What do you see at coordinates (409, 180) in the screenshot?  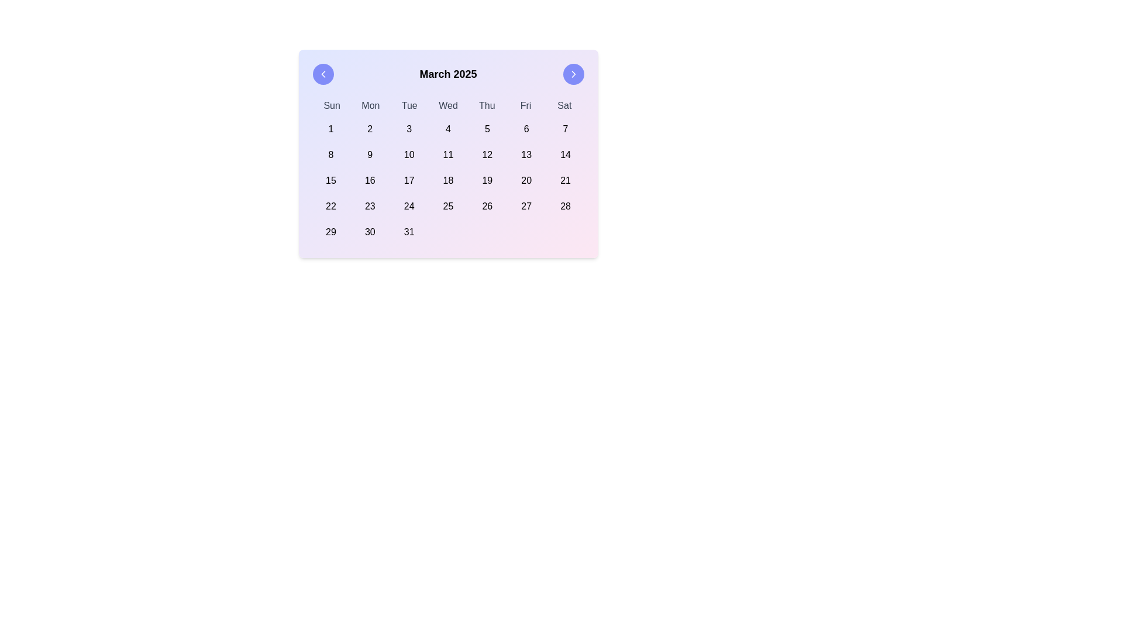 I see `the button labeled '17' with rounded corners located in the third row and third column of the calendar grid` at bounding box center [409, 180].